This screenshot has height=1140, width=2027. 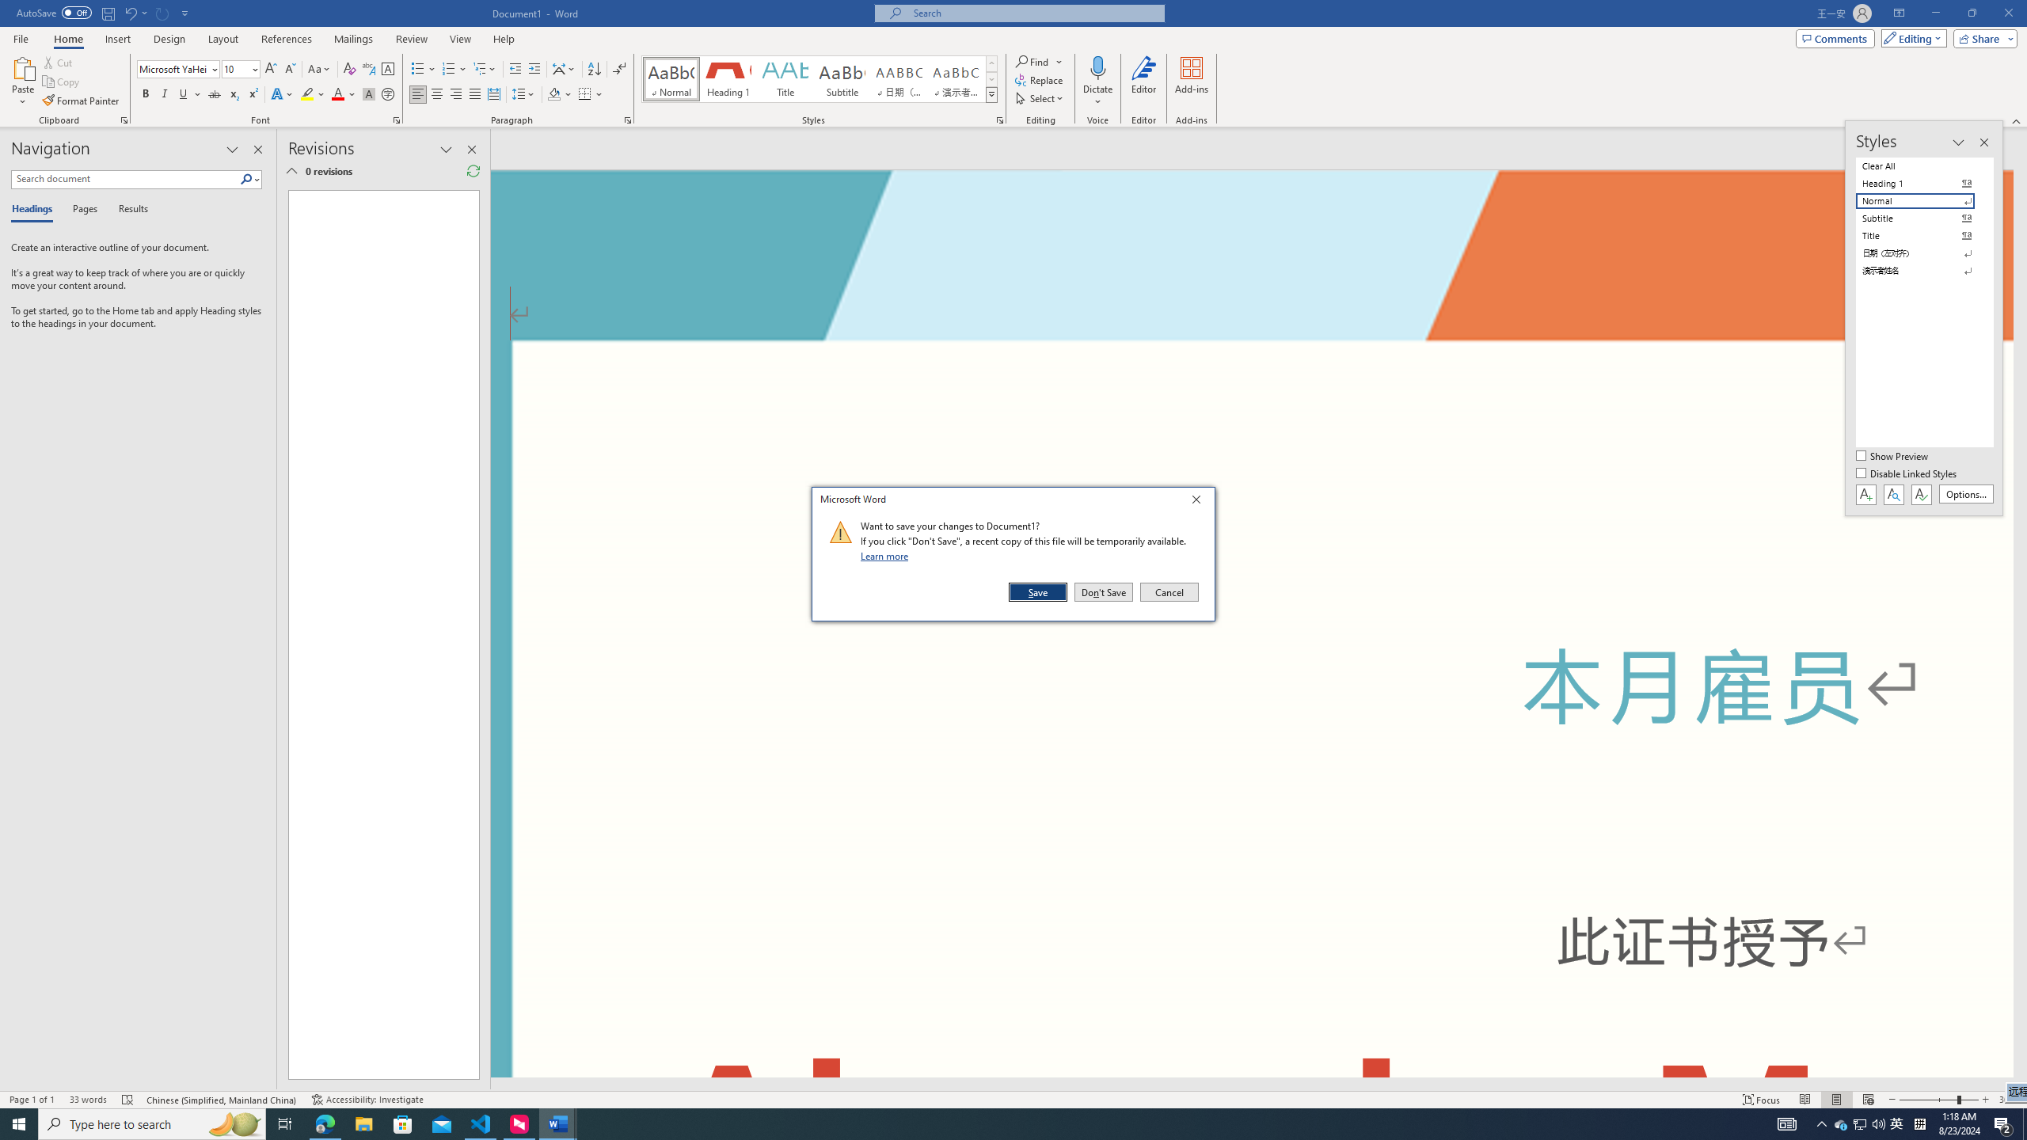 What do you see at coordinates (1966, 494) in the screenshot?
I see `'Options...'` at bounding box center [1966, 494].